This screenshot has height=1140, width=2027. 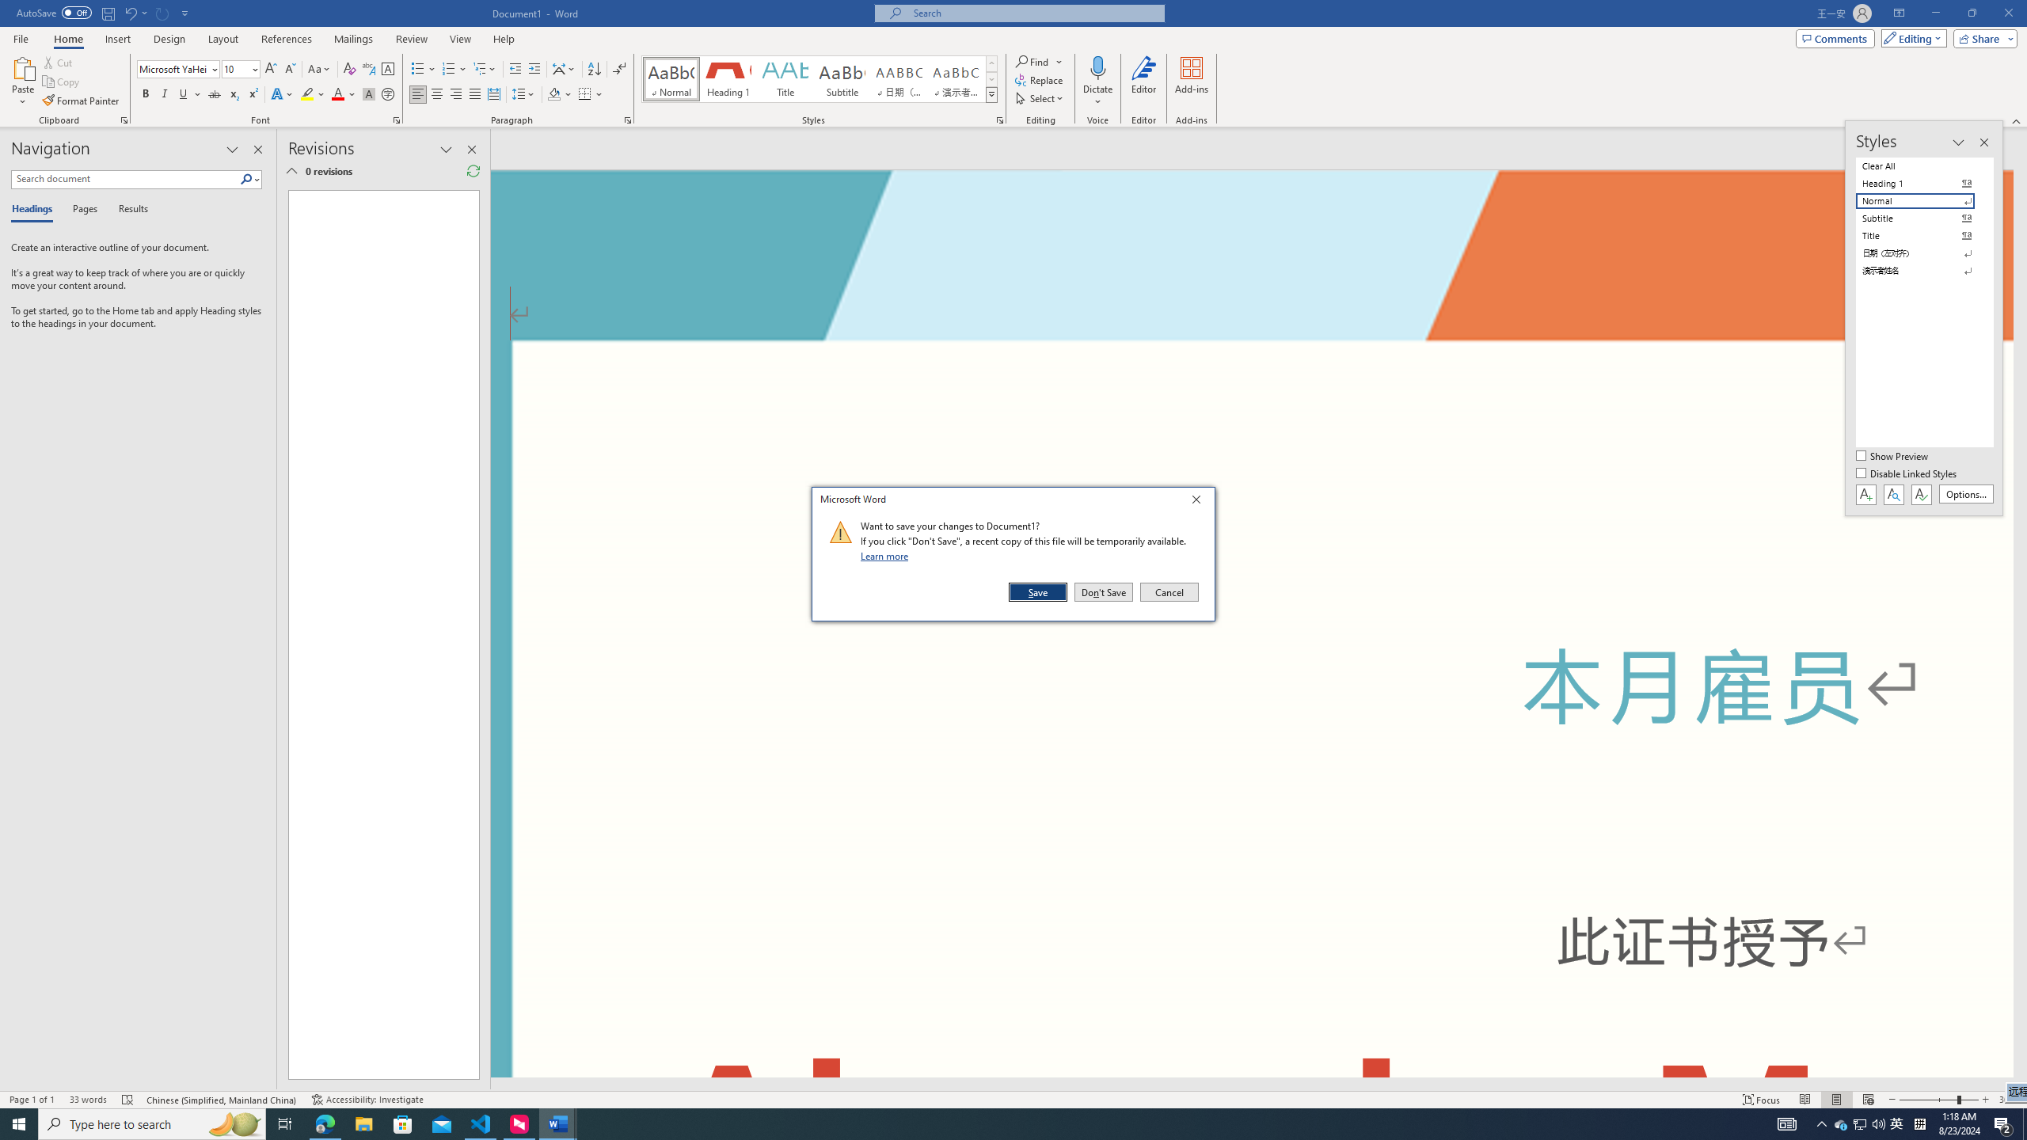 What do you see at coordinates (1966, 494) in the screenshot?
I see `'Options...'` at bounding box center [1966, 494].